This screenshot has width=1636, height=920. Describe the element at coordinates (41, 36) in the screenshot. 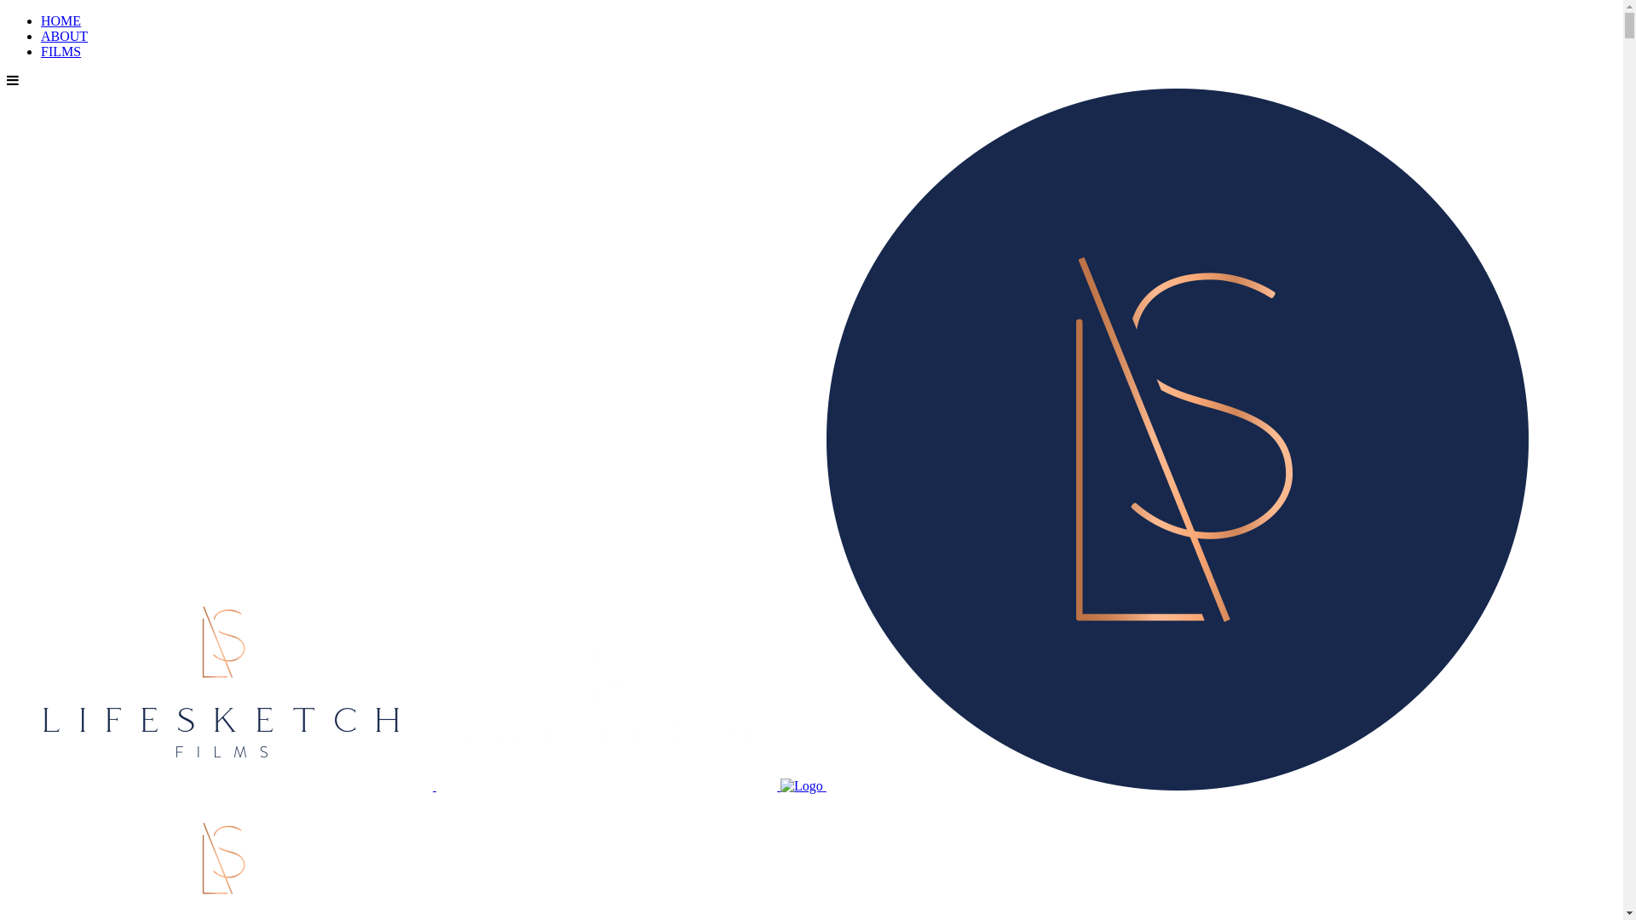

I see `'ABOUT'` at that location.